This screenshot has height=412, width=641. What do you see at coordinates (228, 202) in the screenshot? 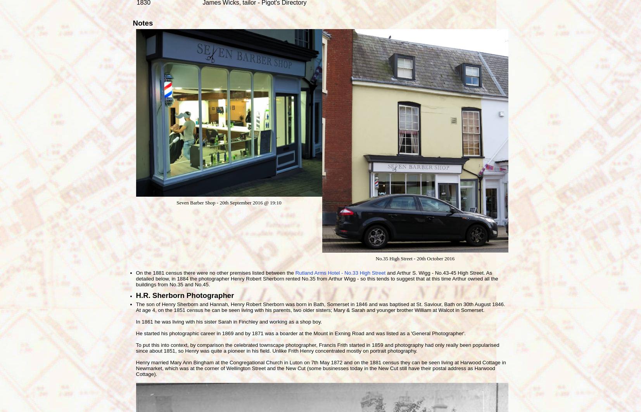
I see `'Seven Barber Shop - 20th 
                    September 2016 @ 19:10'` at bounding box center [228, 202].